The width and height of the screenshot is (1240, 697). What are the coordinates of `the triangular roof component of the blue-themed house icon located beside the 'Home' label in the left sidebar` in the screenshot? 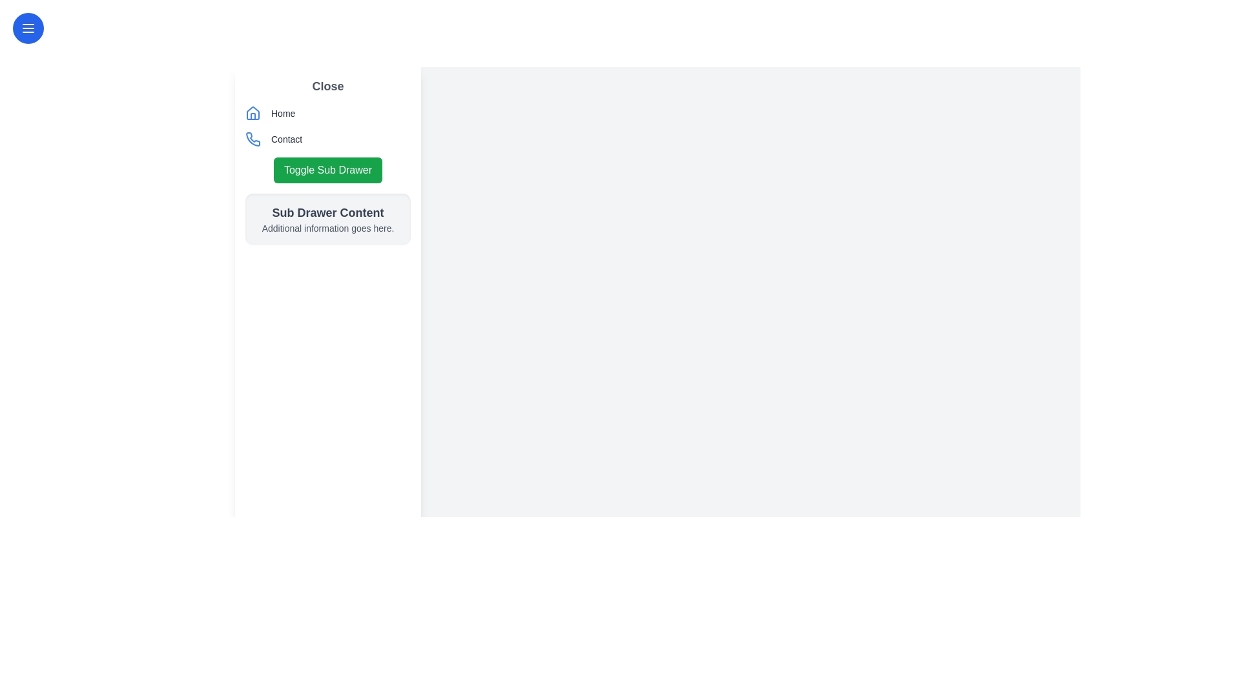 It's located at (253, 112).